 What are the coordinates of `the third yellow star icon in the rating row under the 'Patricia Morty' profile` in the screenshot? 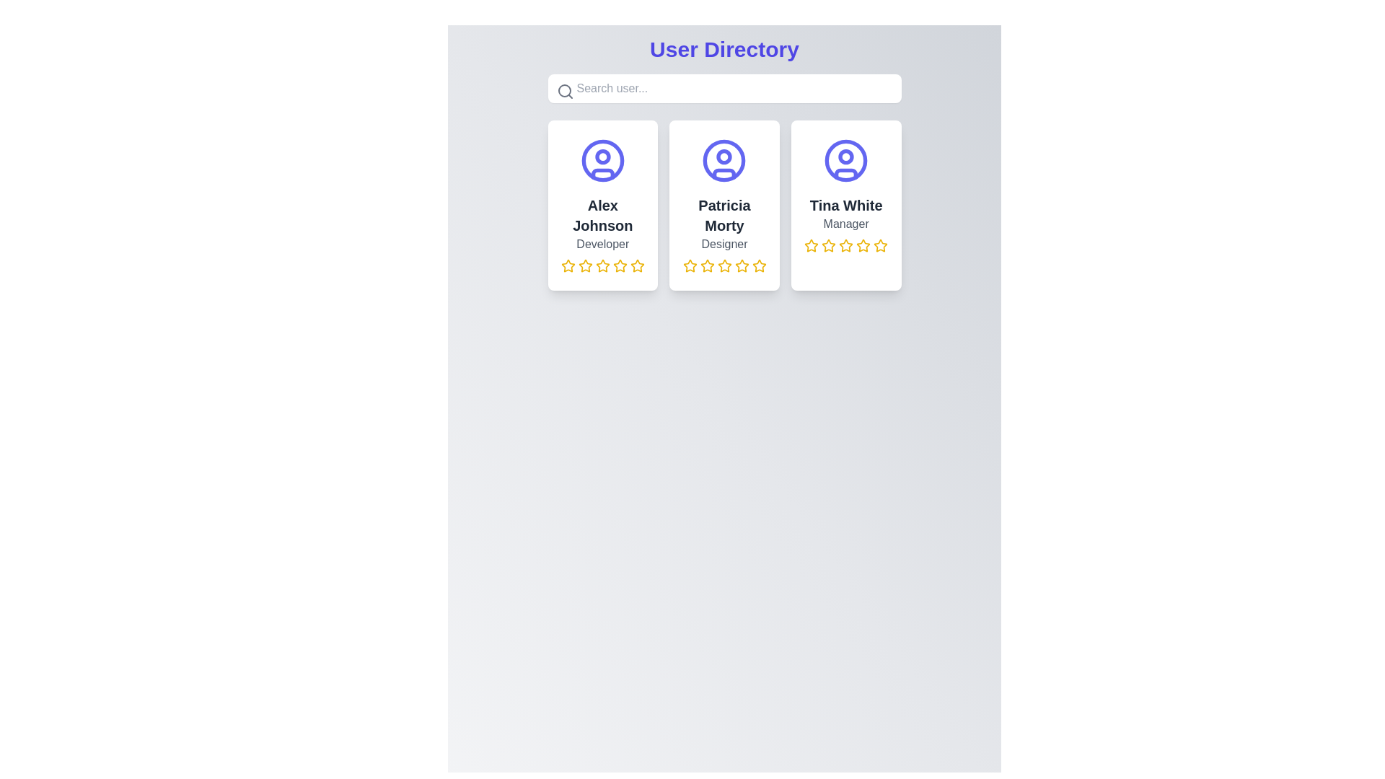 It's located at (707, 265).